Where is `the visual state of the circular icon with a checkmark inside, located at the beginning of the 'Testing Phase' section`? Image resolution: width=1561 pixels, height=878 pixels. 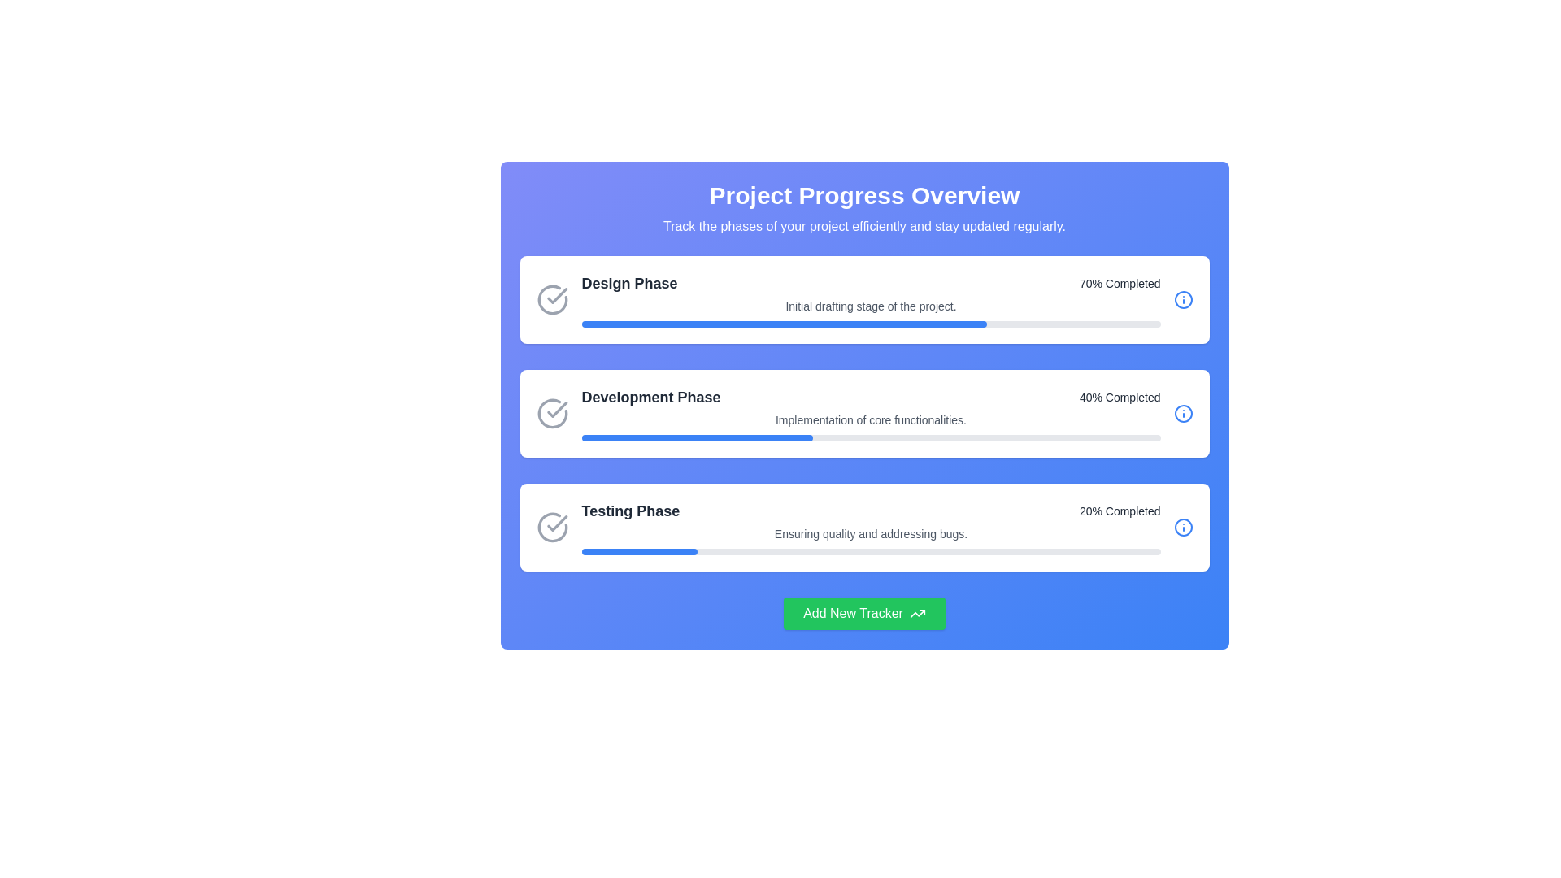 the visual state of the circular icon with a checkmark inside, located at the beginning of the 'Testing Phase' section is located at coordinates (552, 527).